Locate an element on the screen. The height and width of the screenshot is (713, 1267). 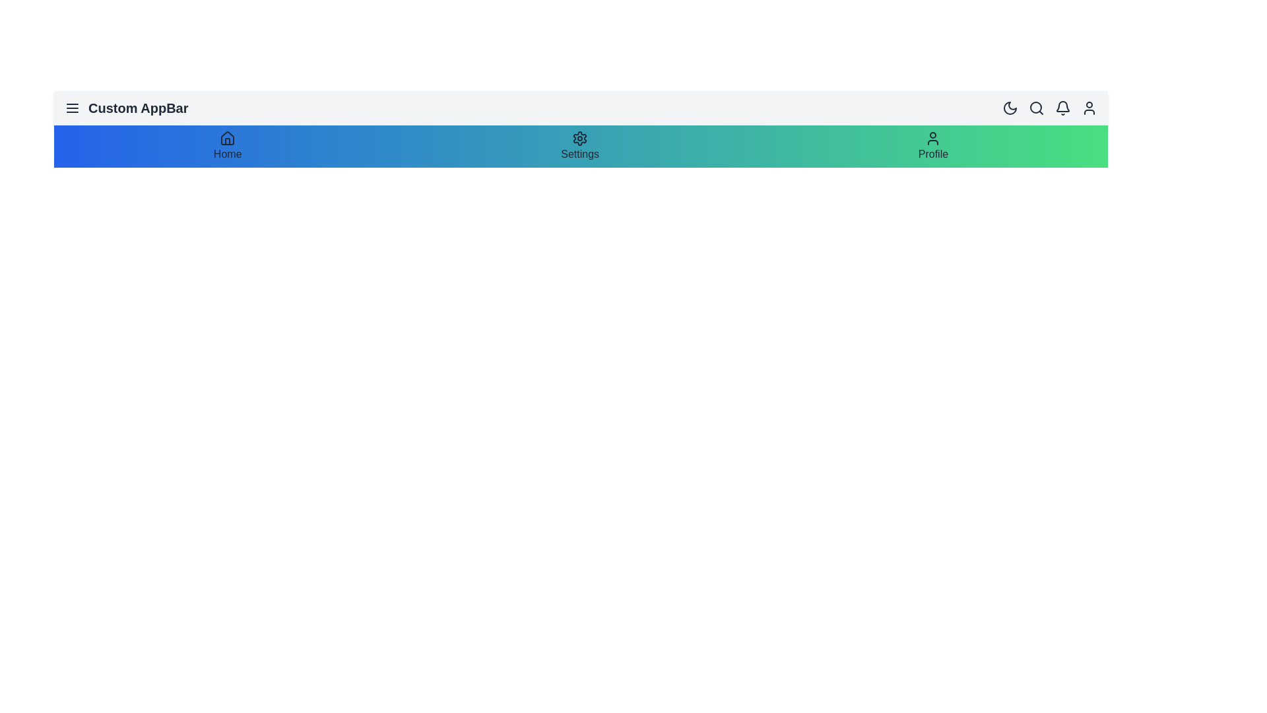
the Settings button in the navigation bar is located at coordinates (579, 154).